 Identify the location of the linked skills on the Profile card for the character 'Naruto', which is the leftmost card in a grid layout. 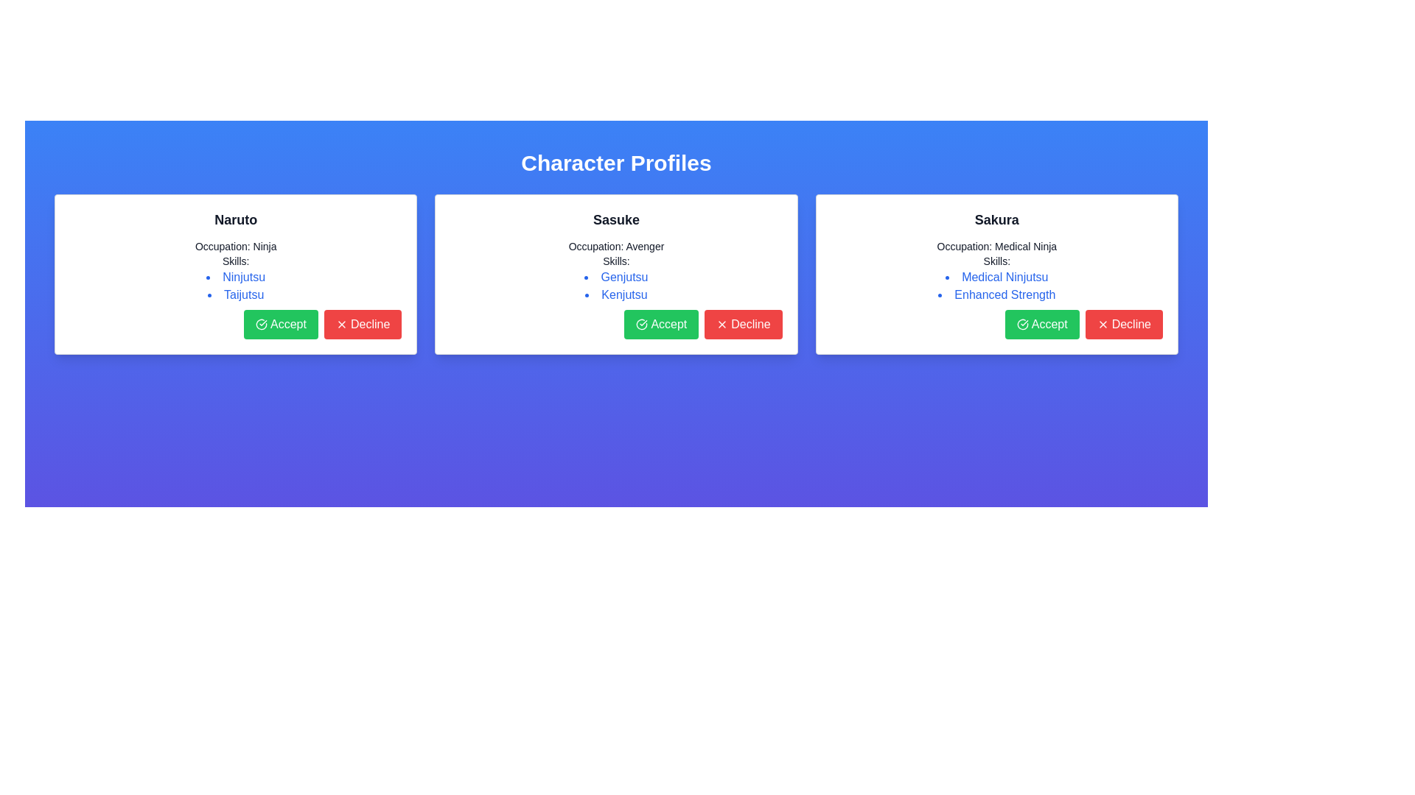
(236, 275).